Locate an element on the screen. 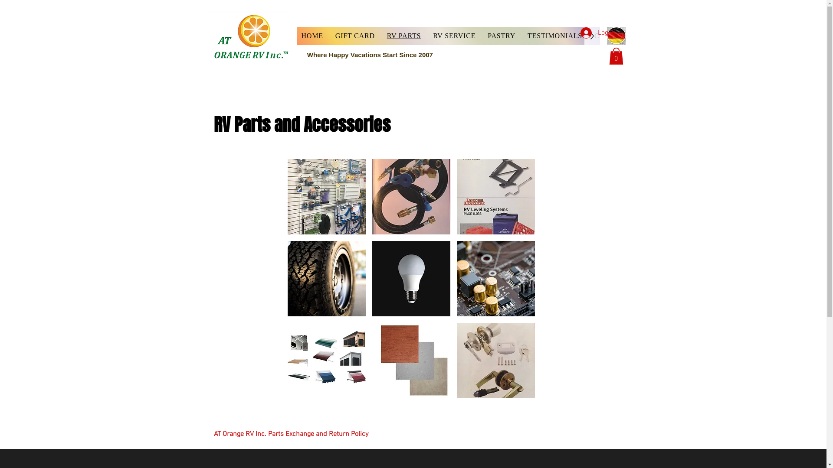  'CONTACT' is located at coordinates (611, 36).